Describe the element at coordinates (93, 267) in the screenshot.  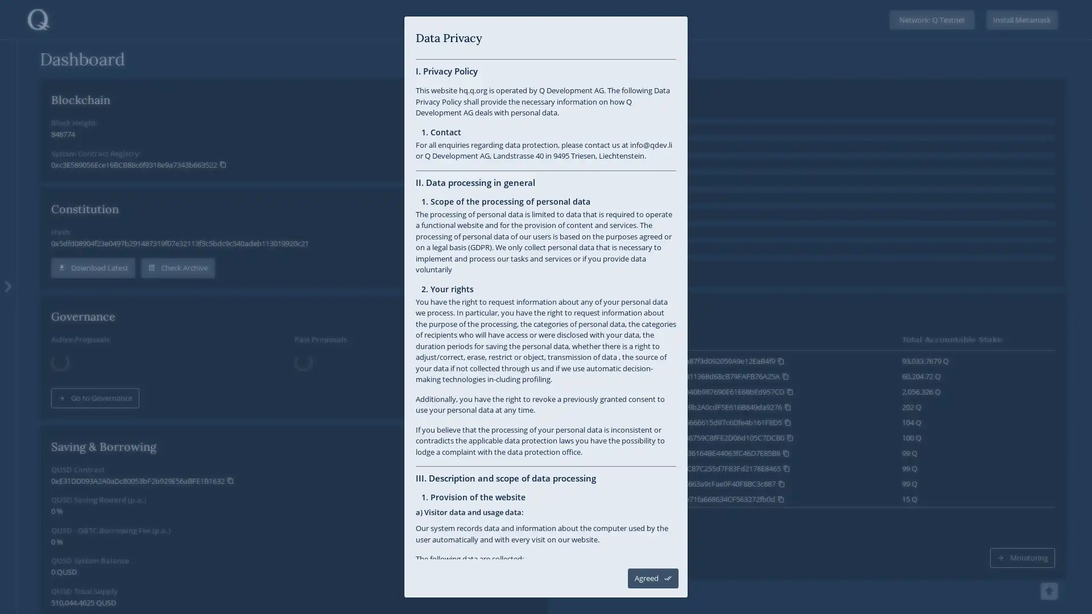
I see `Download Latest` at that location.